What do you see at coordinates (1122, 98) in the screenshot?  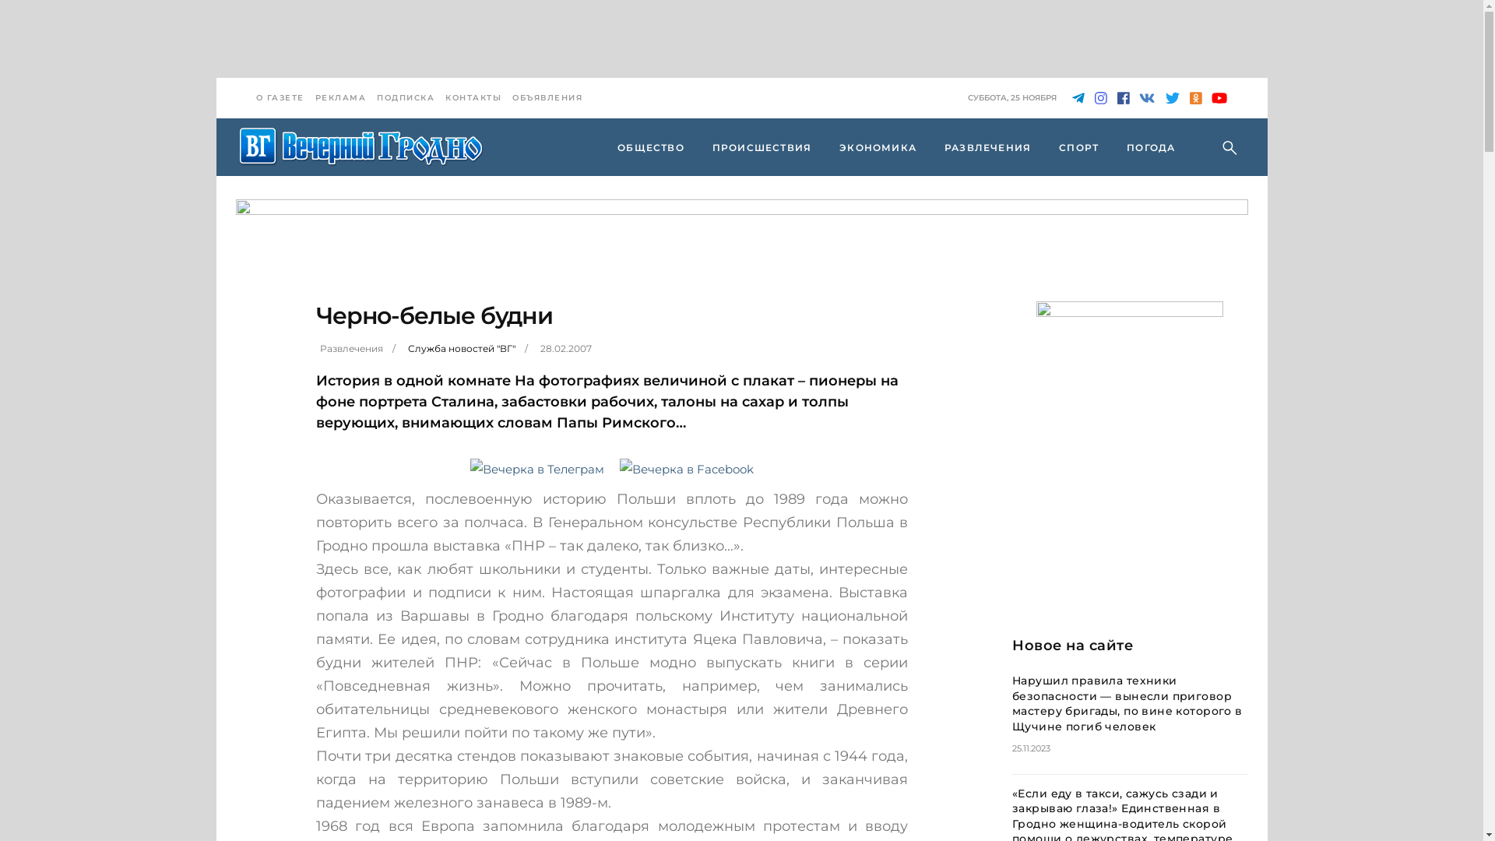 I see `'Facebook'` at bounding box center [1122, 98].